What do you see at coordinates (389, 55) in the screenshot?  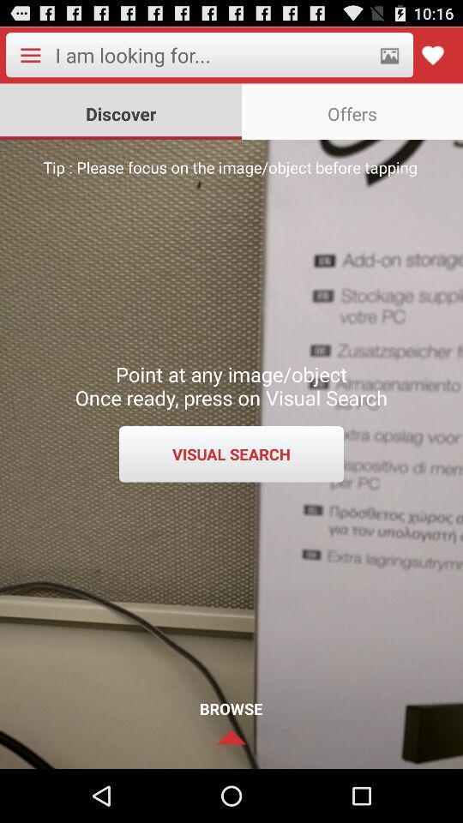 I see `photos` at bounding box center [389, 55].